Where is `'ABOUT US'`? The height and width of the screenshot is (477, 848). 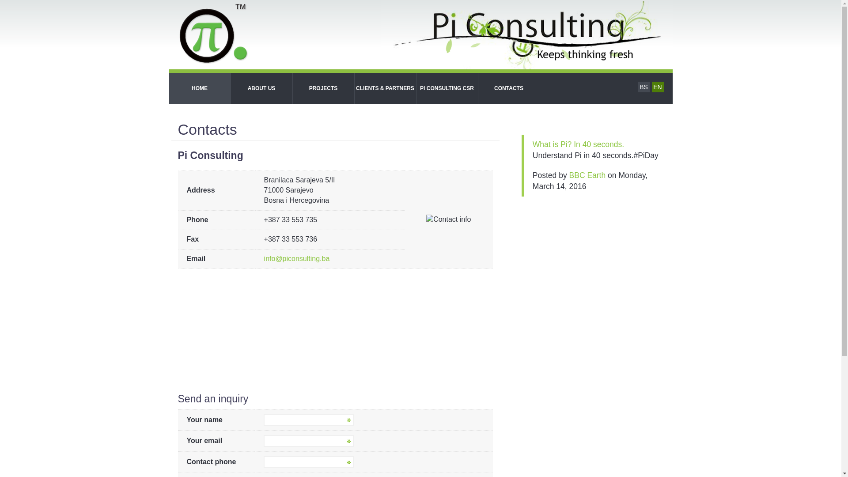 'ABOUT US' is located at coordinates (261, 88).